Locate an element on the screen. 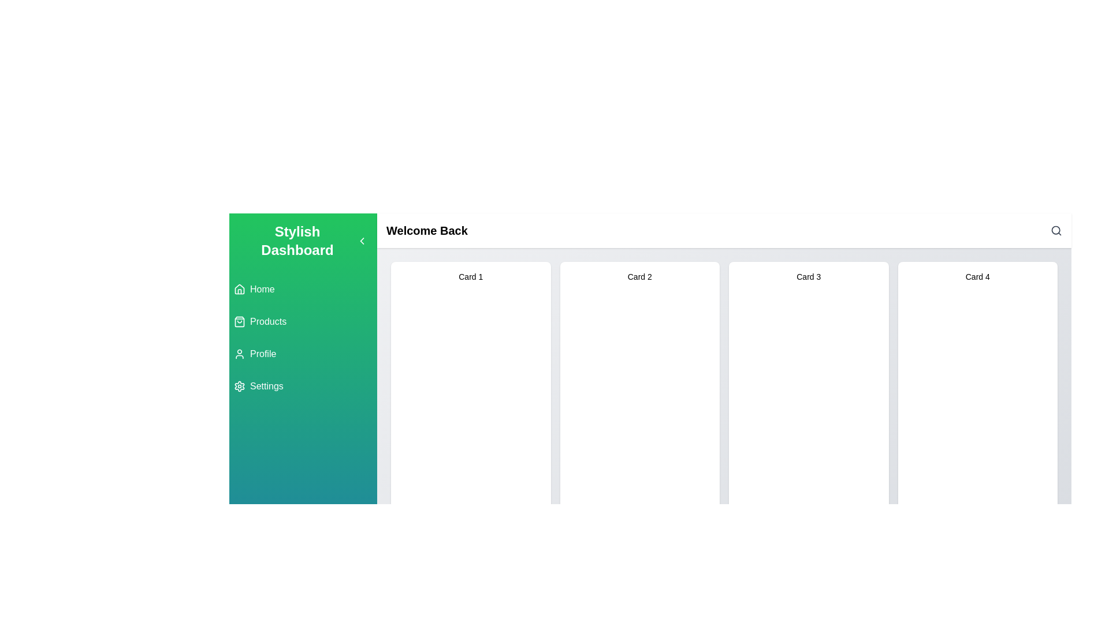  the second card element in the dashboard that changes background color on hover is located at coordinates (639, 399).